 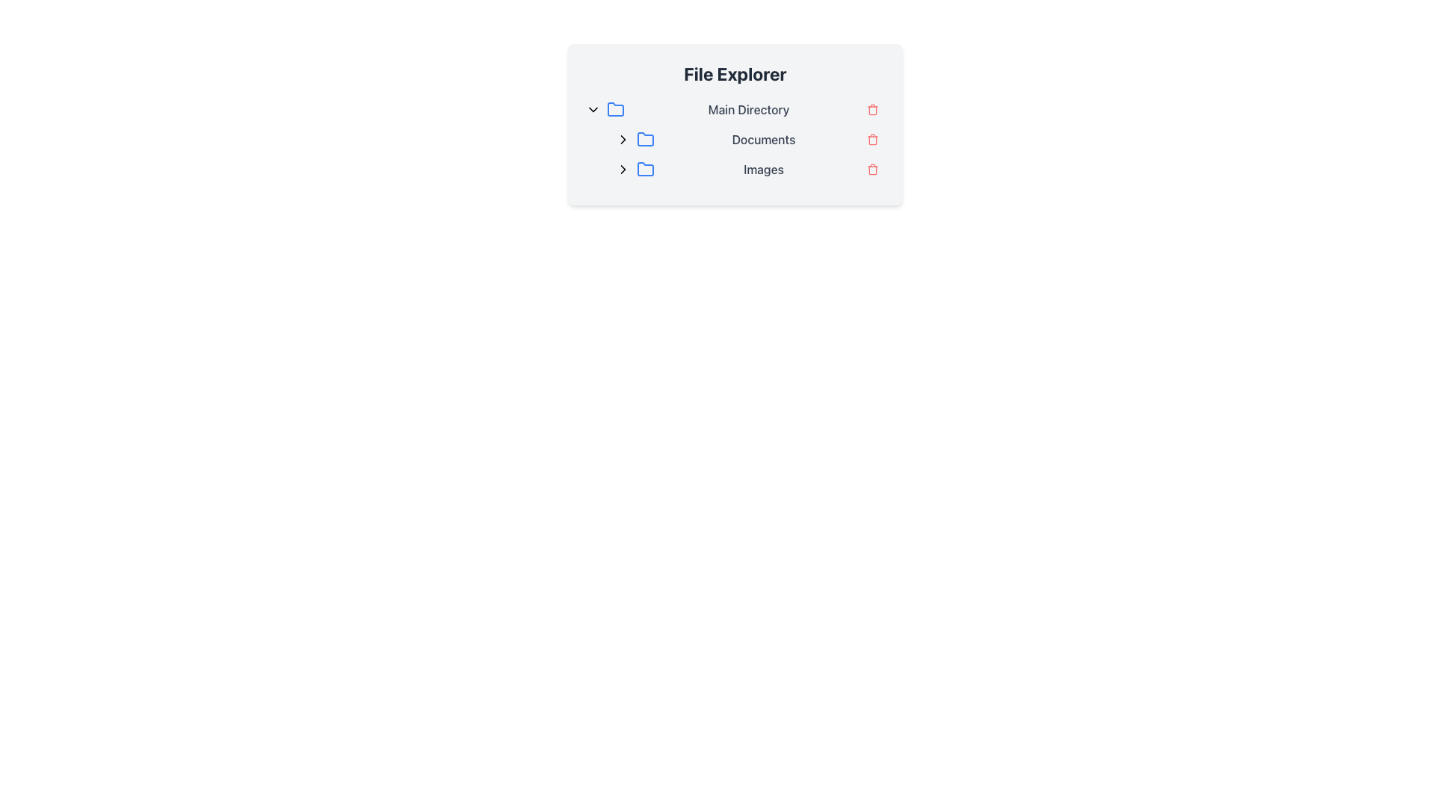 I want to click on the 'Documents' text label in the file explorer, which serves as a label for the folder and is located in the second entry of the file list, so click(x=764, y=139).